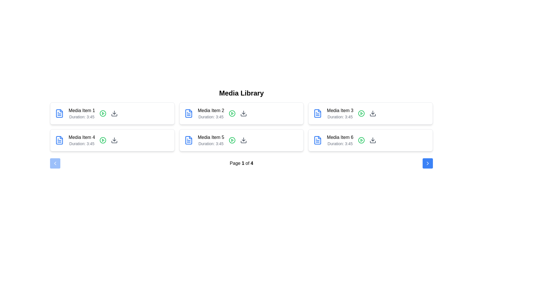  I want to click on the download icon, which resembles a downward arrow into a horizontal line, located at the far right of the row labeled 'Media Item 5', so click(244, 140).